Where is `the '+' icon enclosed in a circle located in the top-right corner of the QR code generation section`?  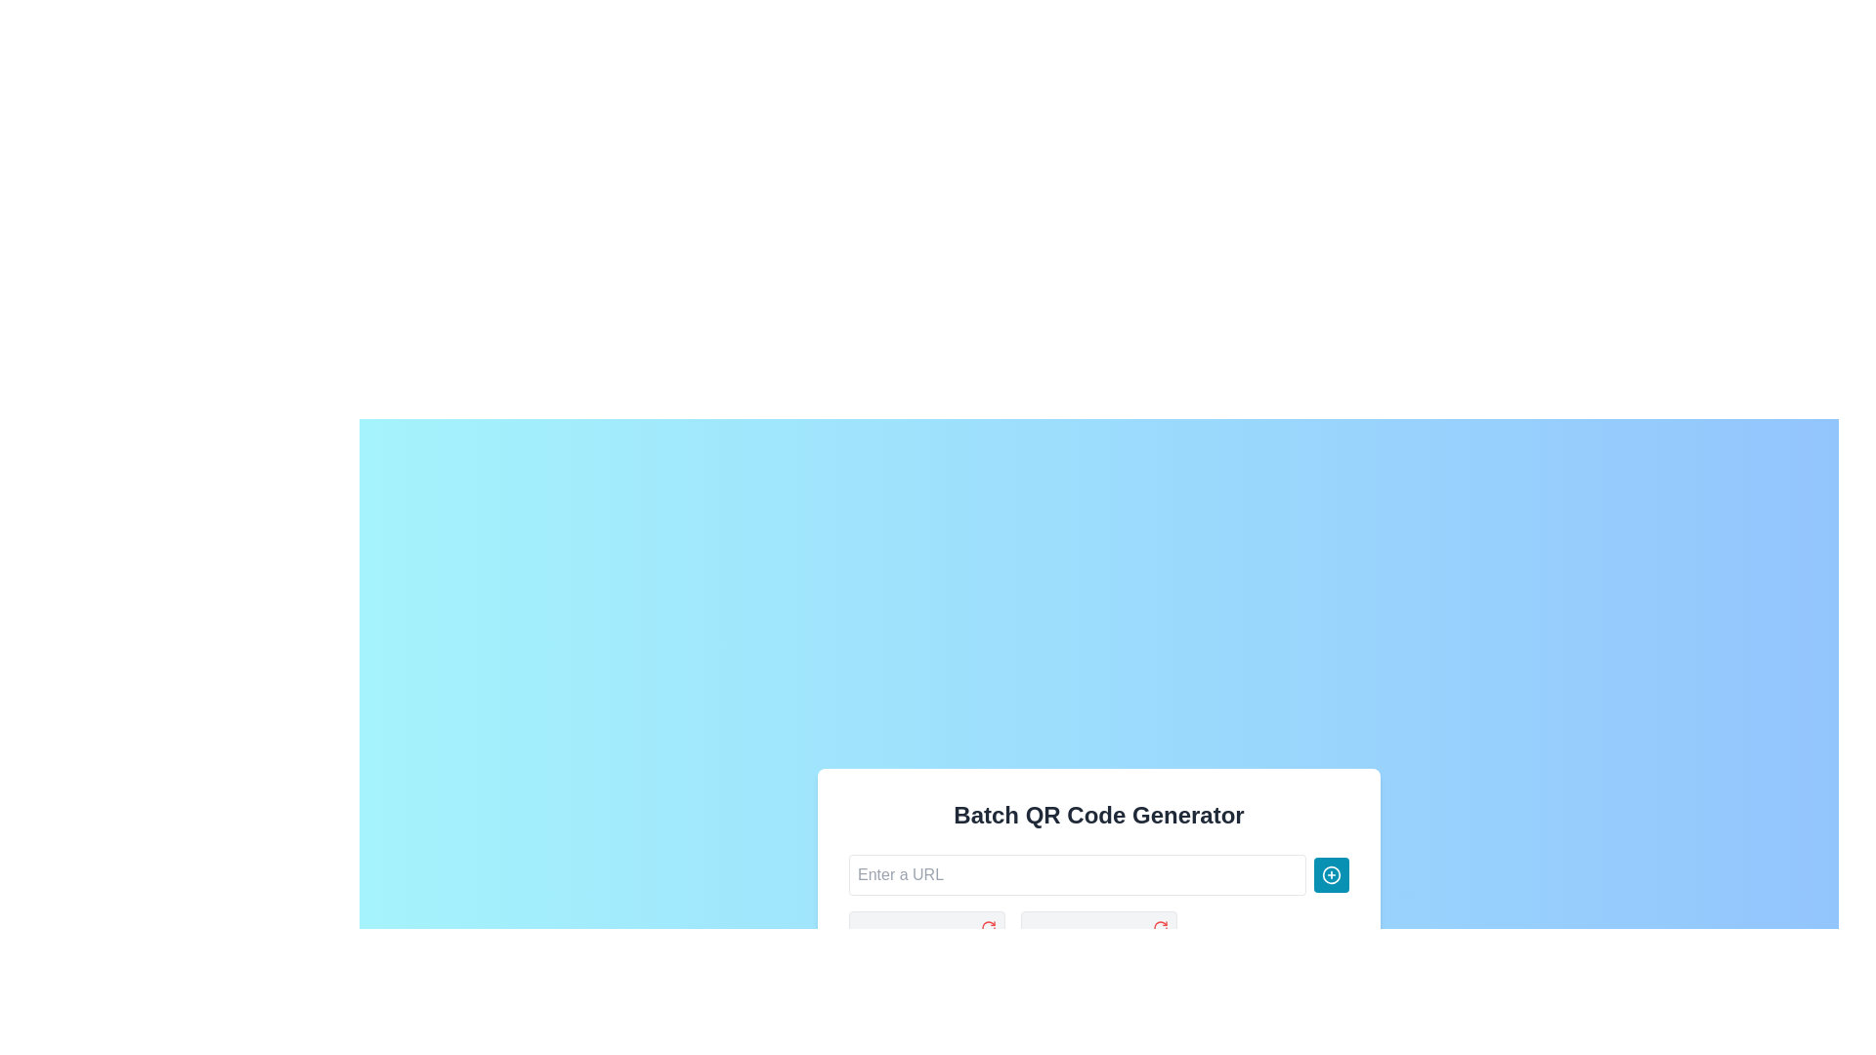 the '+' icon enclosed in a circle located in the top-right corner of the QR code generation section is located at coordinates (1331, 873).